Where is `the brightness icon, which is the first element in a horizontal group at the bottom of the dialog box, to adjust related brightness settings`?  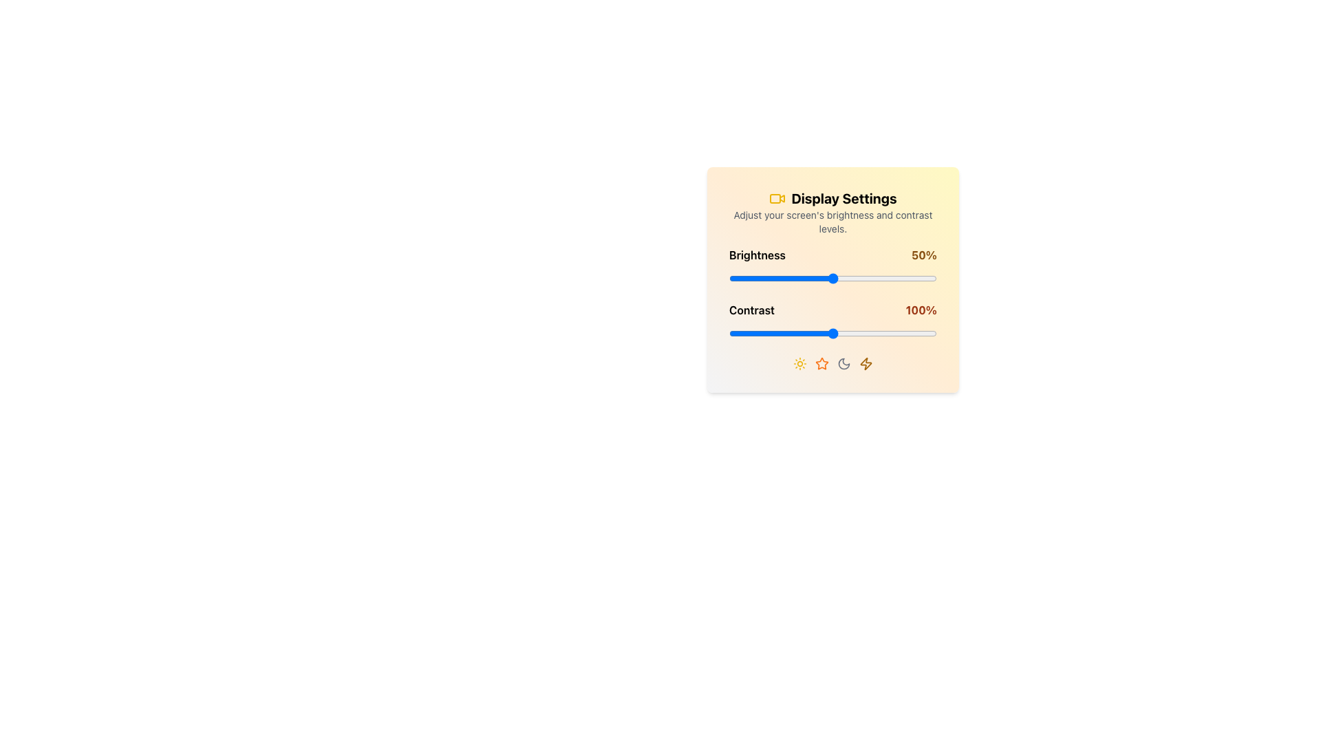 the brightness icon, which is the first element in a horizontal group at the bottom of the dialog box, to adjust related brightness settings is located at coordinates (799, 363).